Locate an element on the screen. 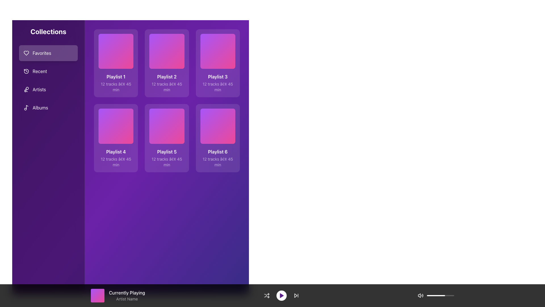 Image resolution: width=545 pixels, height=307 pixels. the 'Recent' navigation button located in the sidebar under the 'Collections' title to observe the hover effect is located at coordinates (48, 71).